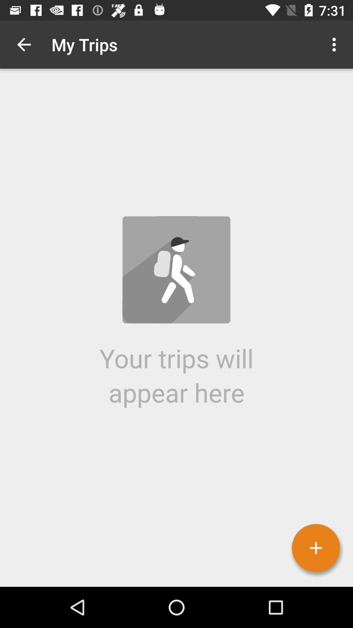 The height and width of the screenshot is (628, 353). I want to click on the icon above your trips will icon, so click(336, 44).